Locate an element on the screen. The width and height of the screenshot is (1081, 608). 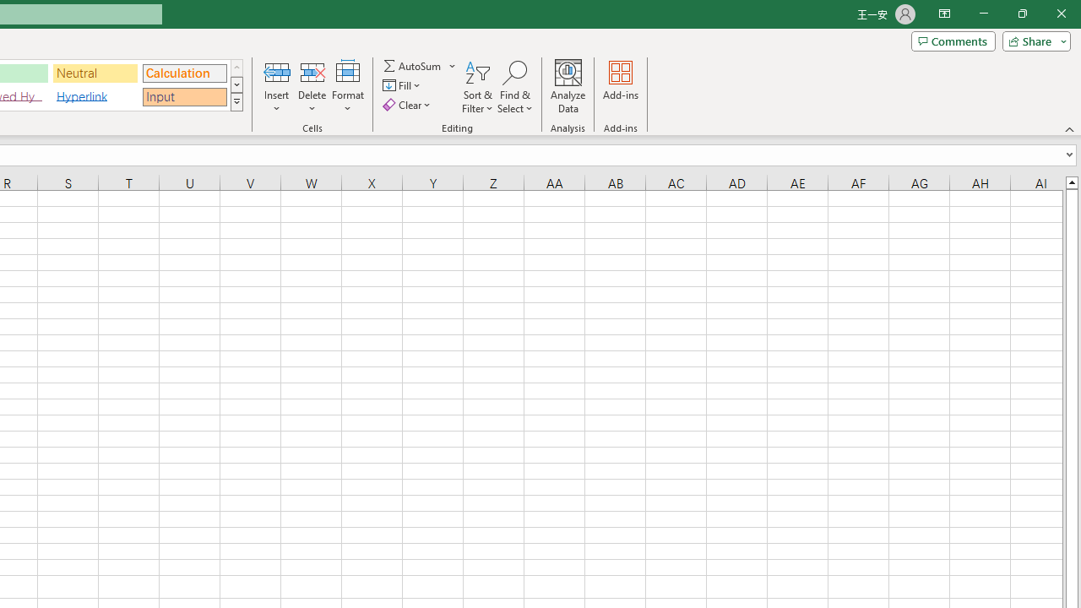
'Input' is located at coordinates (184, 96).